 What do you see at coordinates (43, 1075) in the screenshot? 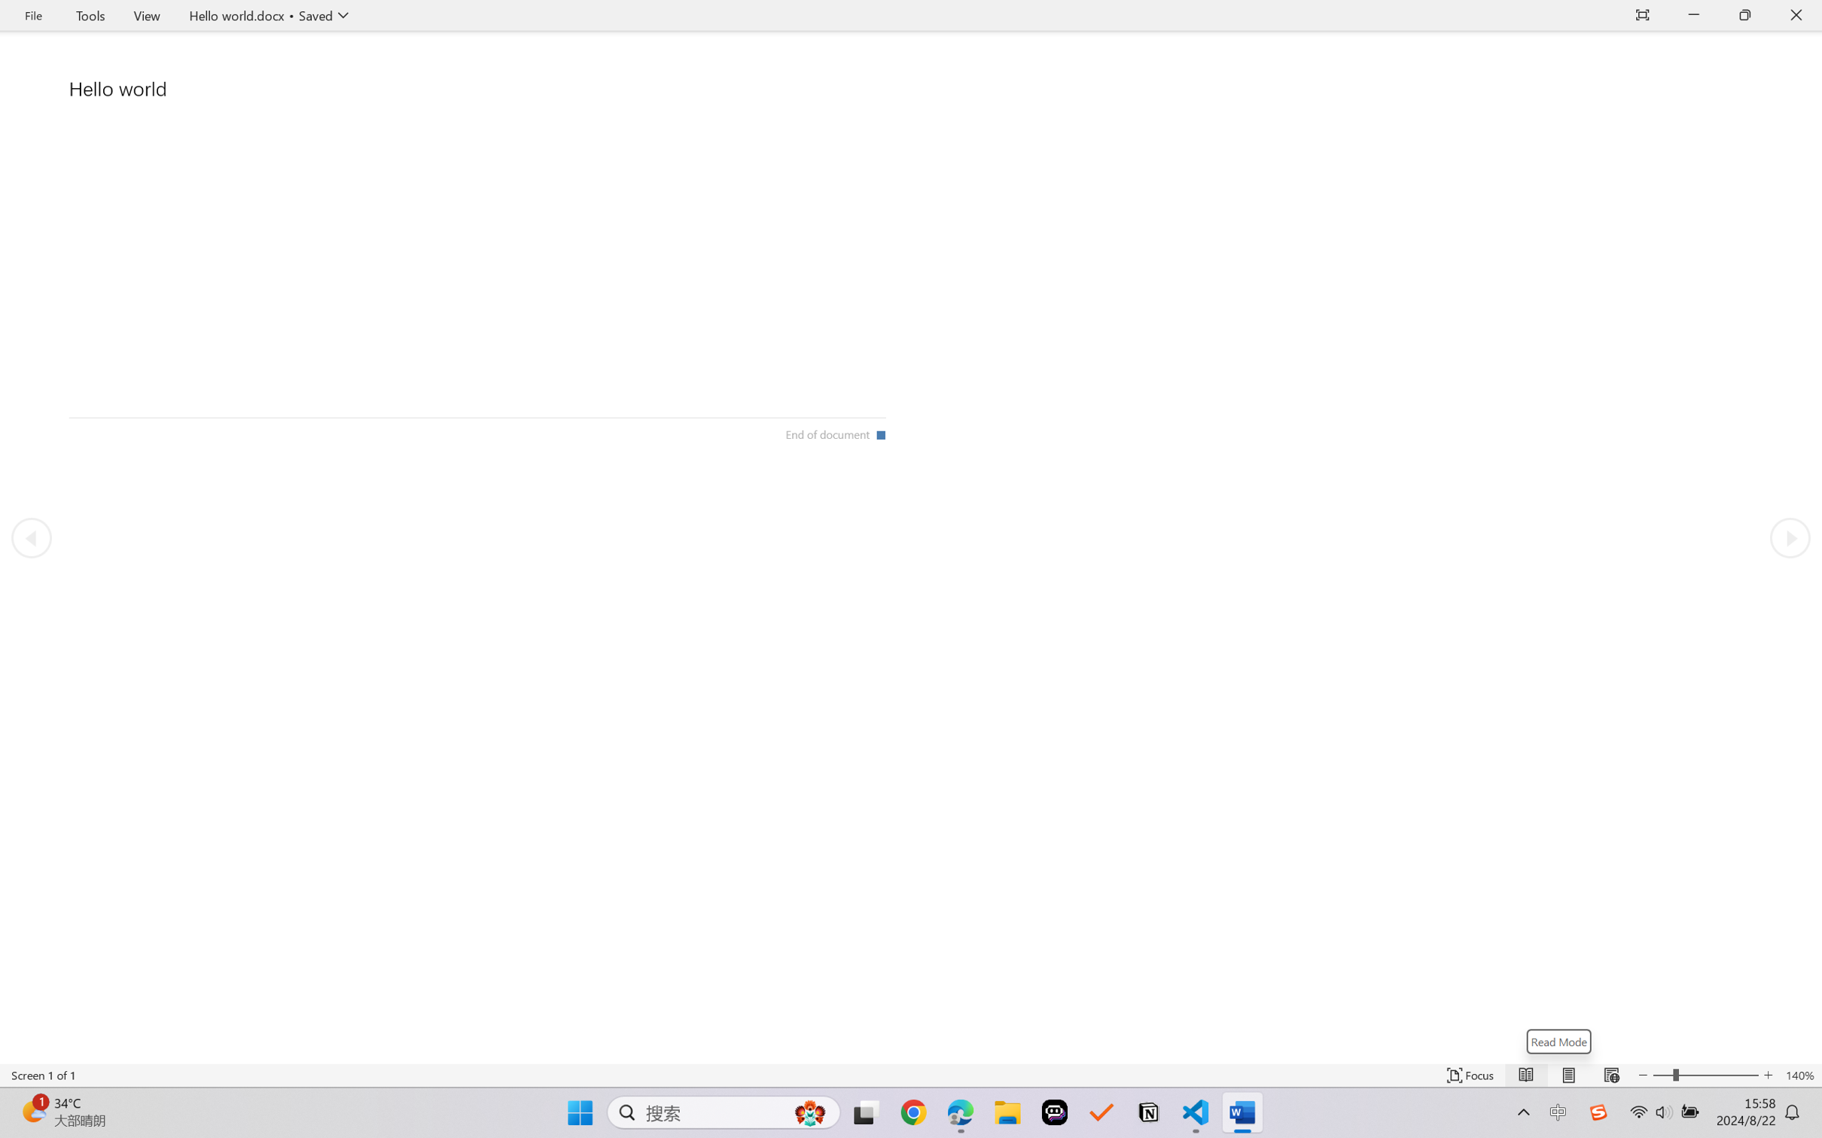
I see `'Page Number Screen 1 of 1 '` at bounding box center [43, 1075].